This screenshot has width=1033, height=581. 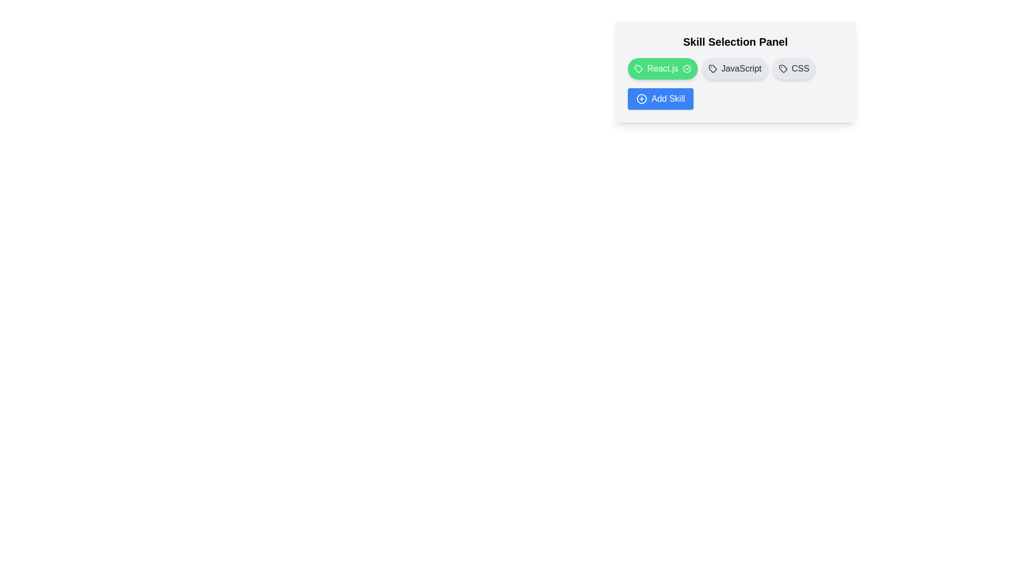 What do you see at coordinates (735, 72) in the screenshot?
I see `the selectable badge for the skill 'JavaScript' located in the 'Skill Selection Panel'` at bounding box center [735, 72].